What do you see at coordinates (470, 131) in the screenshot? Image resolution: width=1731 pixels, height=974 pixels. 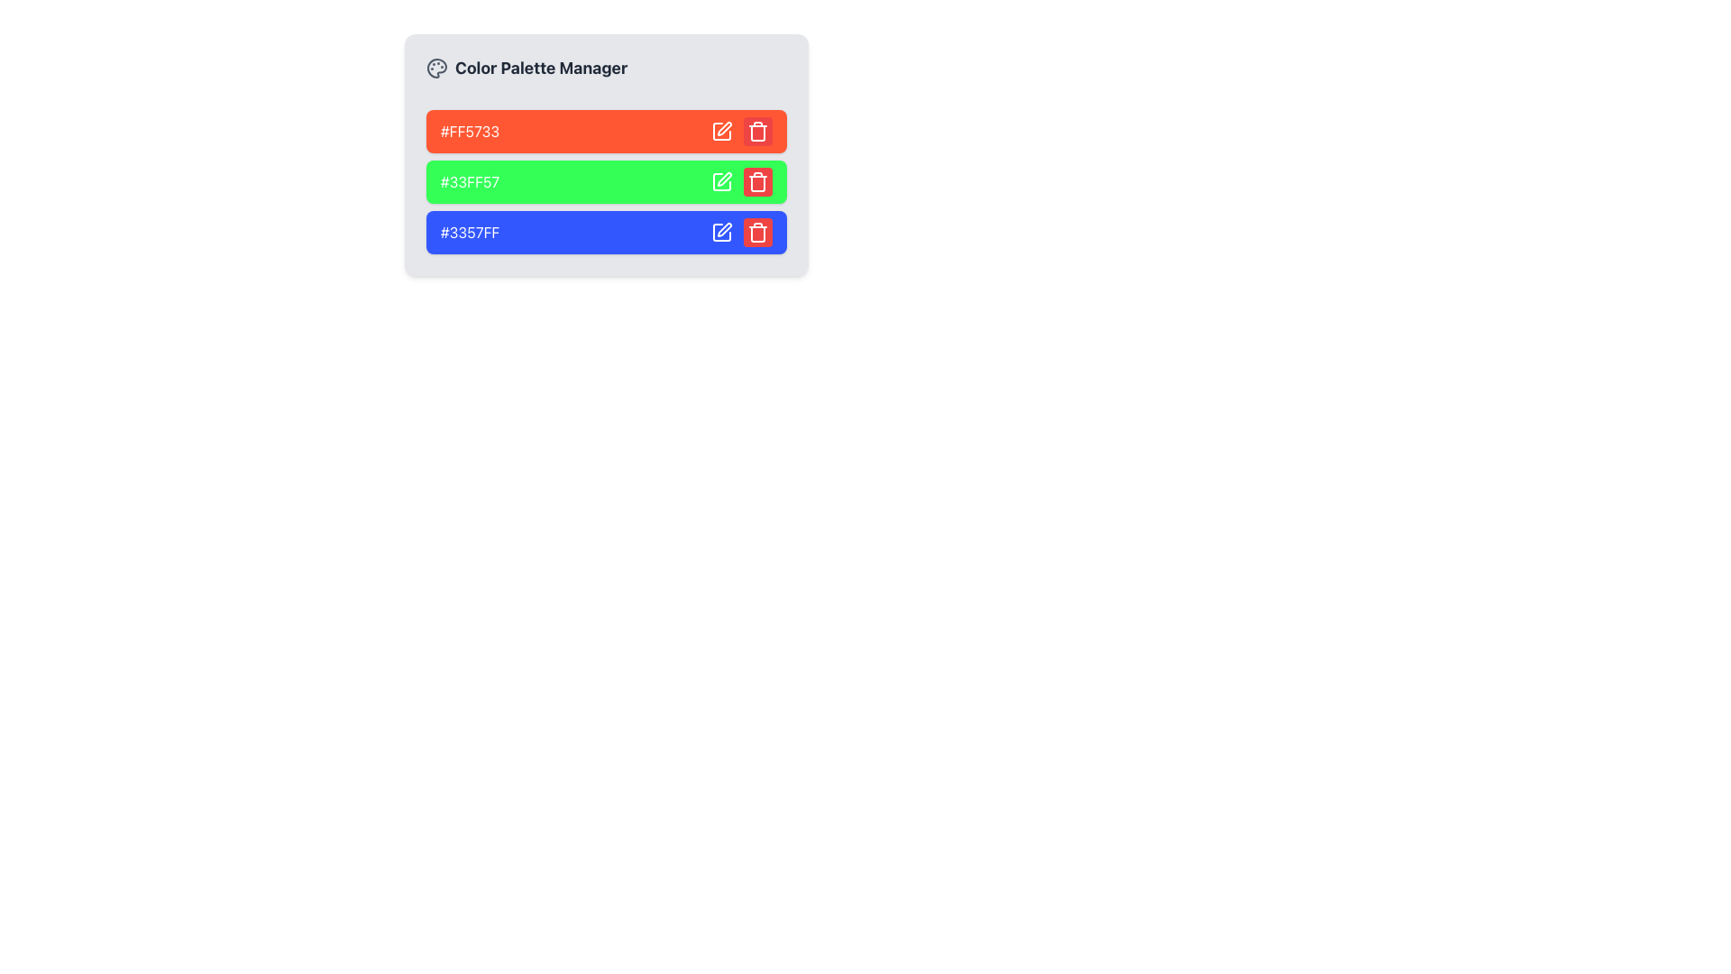 I see `the color representation label in the Color Palette Manager, which is the first element in a vertical stack of three containers` at bounding box center [470, 131].